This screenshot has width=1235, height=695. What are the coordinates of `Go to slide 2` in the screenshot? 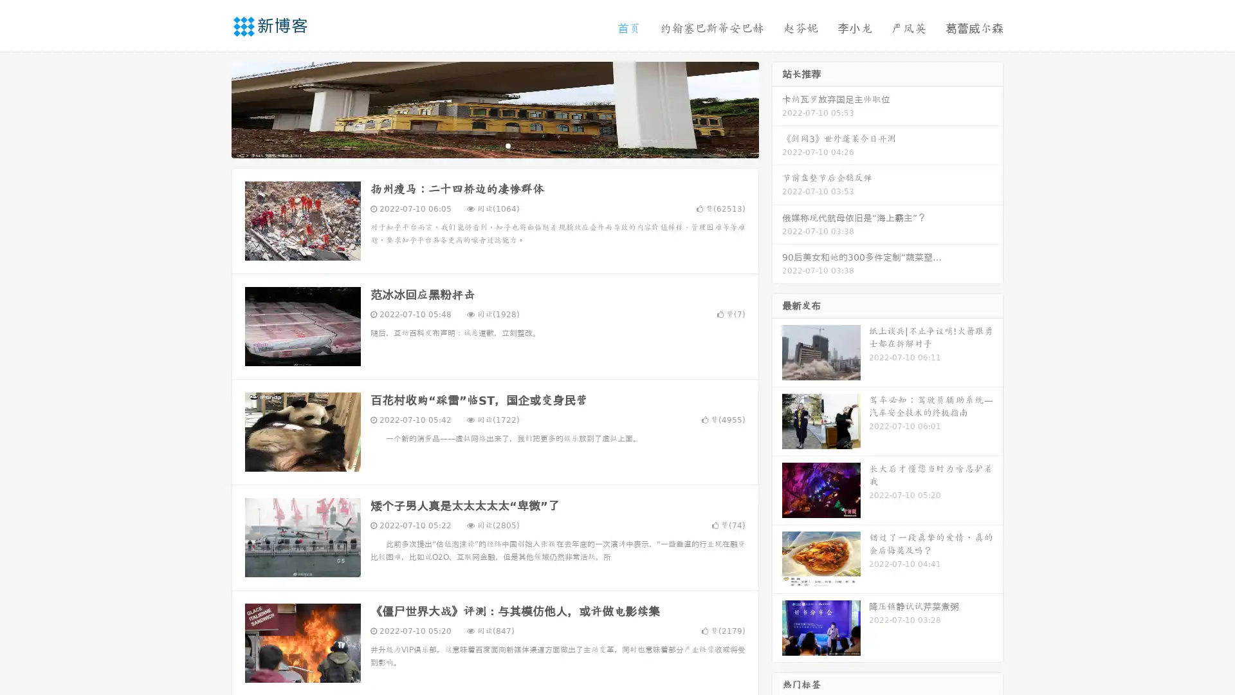 It's located at (494, 145).